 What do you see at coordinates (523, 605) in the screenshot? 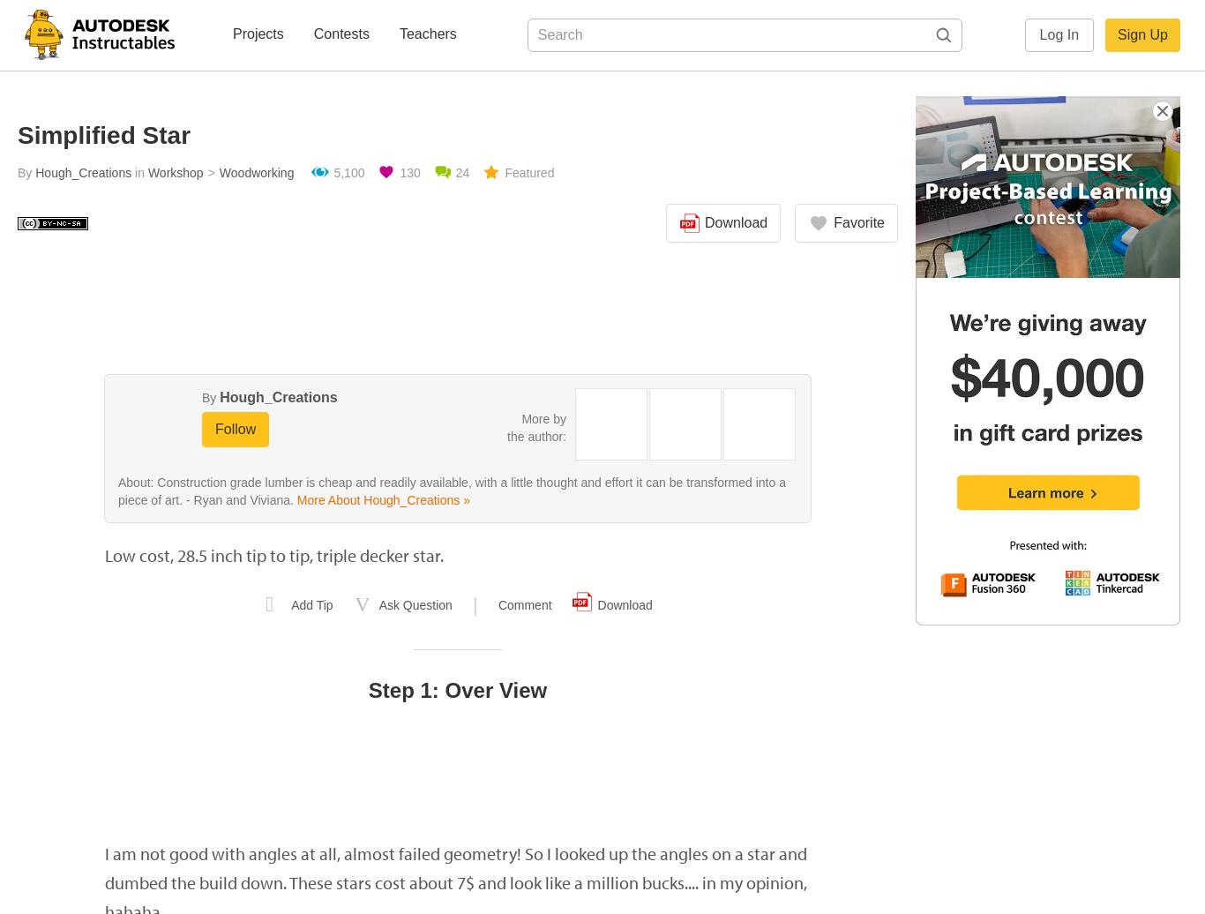
I see `'Comment'` at bounding box center [523, 605].